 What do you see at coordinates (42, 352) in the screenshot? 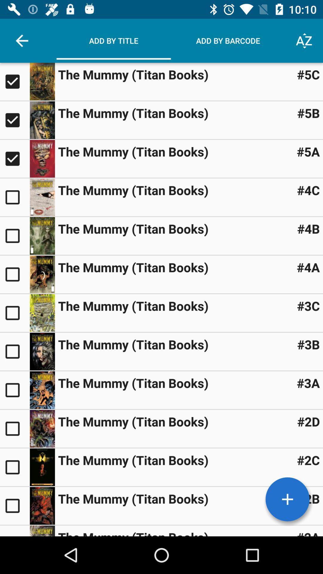
I see `open this book info page` at bounding box center [42, 352].